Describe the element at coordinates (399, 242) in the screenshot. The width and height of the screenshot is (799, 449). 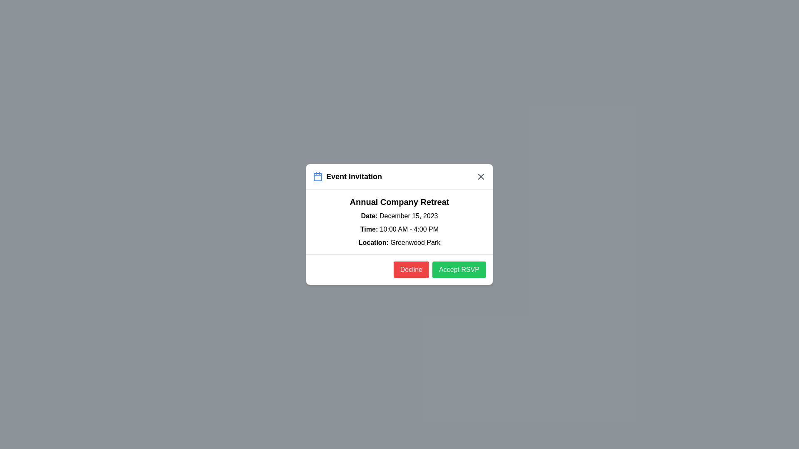
I see `the static text displaying 'Location: Greenwood Park', which is located at the bottom part of the informational box` at that location.